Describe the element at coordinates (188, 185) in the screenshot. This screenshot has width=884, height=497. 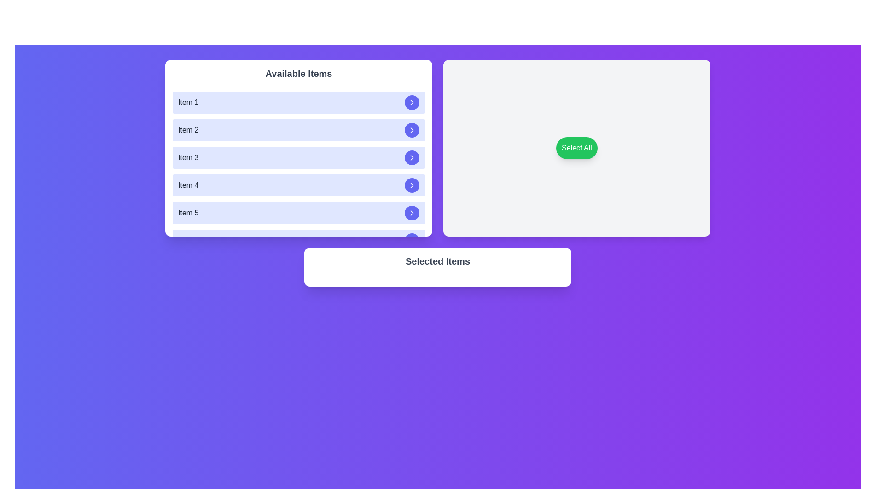
I see `the static text label displaying 'Item 4', which is the fourth item in the list under 'Available Items'` at that location.